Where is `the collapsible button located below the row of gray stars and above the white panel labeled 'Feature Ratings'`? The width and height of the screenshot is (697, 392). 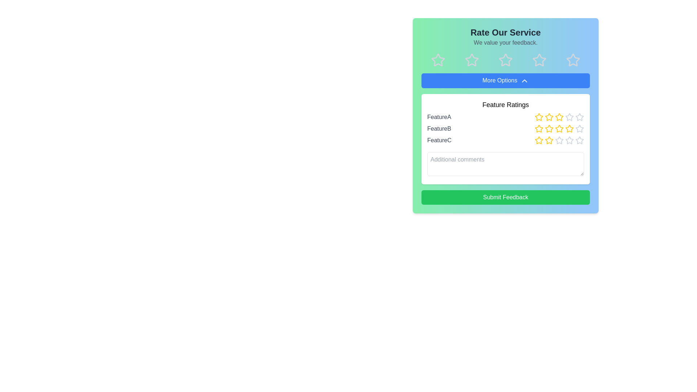
the collapsible button located below the row of gray stars and above the white panel labeled 'Feature Ratings' is located at coordinates (505, 81).